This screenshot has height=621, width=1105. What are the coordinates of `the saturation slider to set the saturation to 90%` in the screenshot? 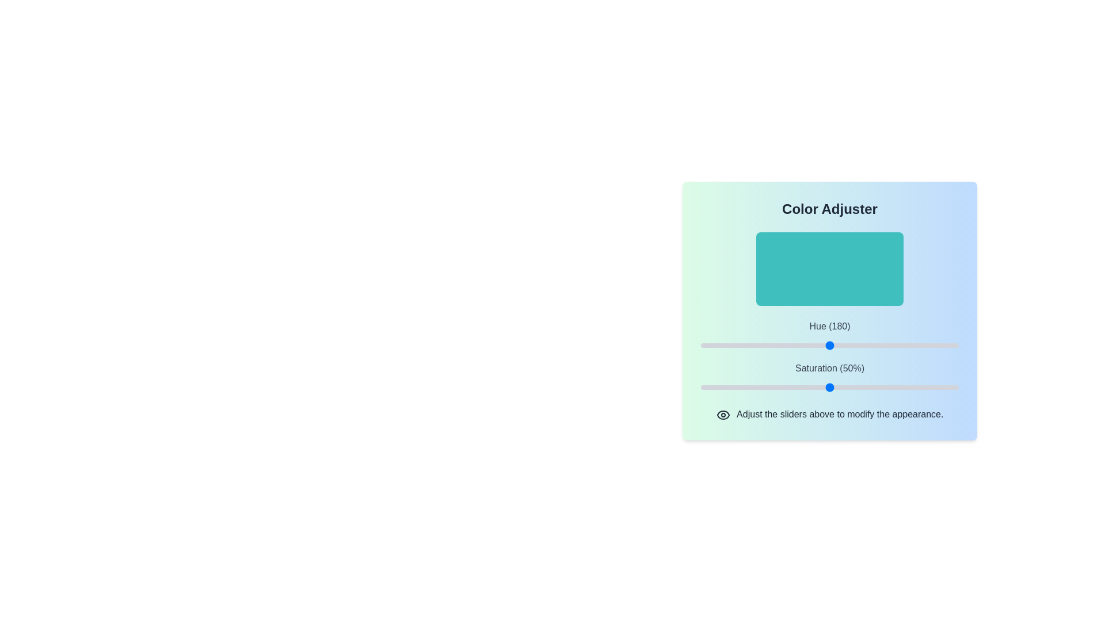 It's located at (933, 388).